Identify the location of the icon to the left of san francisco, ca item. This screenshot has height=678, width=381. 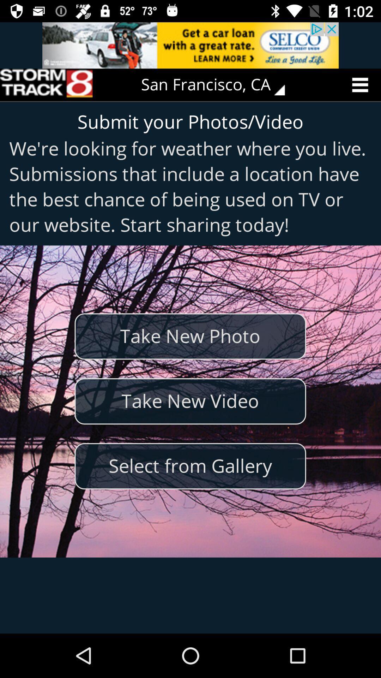
(46, 85).